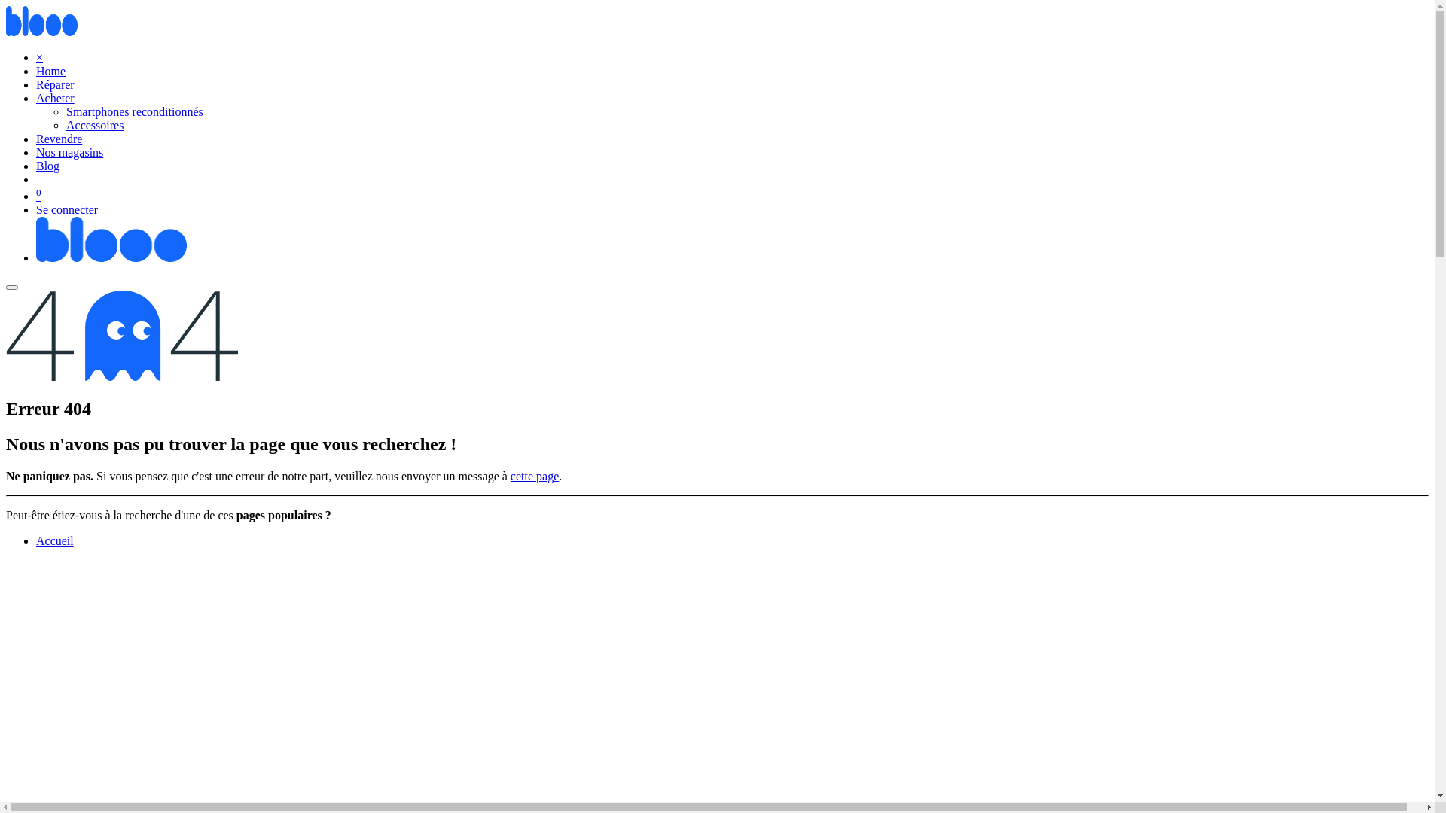 The width and height of the screenshot is (1446, 813). I want to click on 'Accessoires', so click(93, 124).